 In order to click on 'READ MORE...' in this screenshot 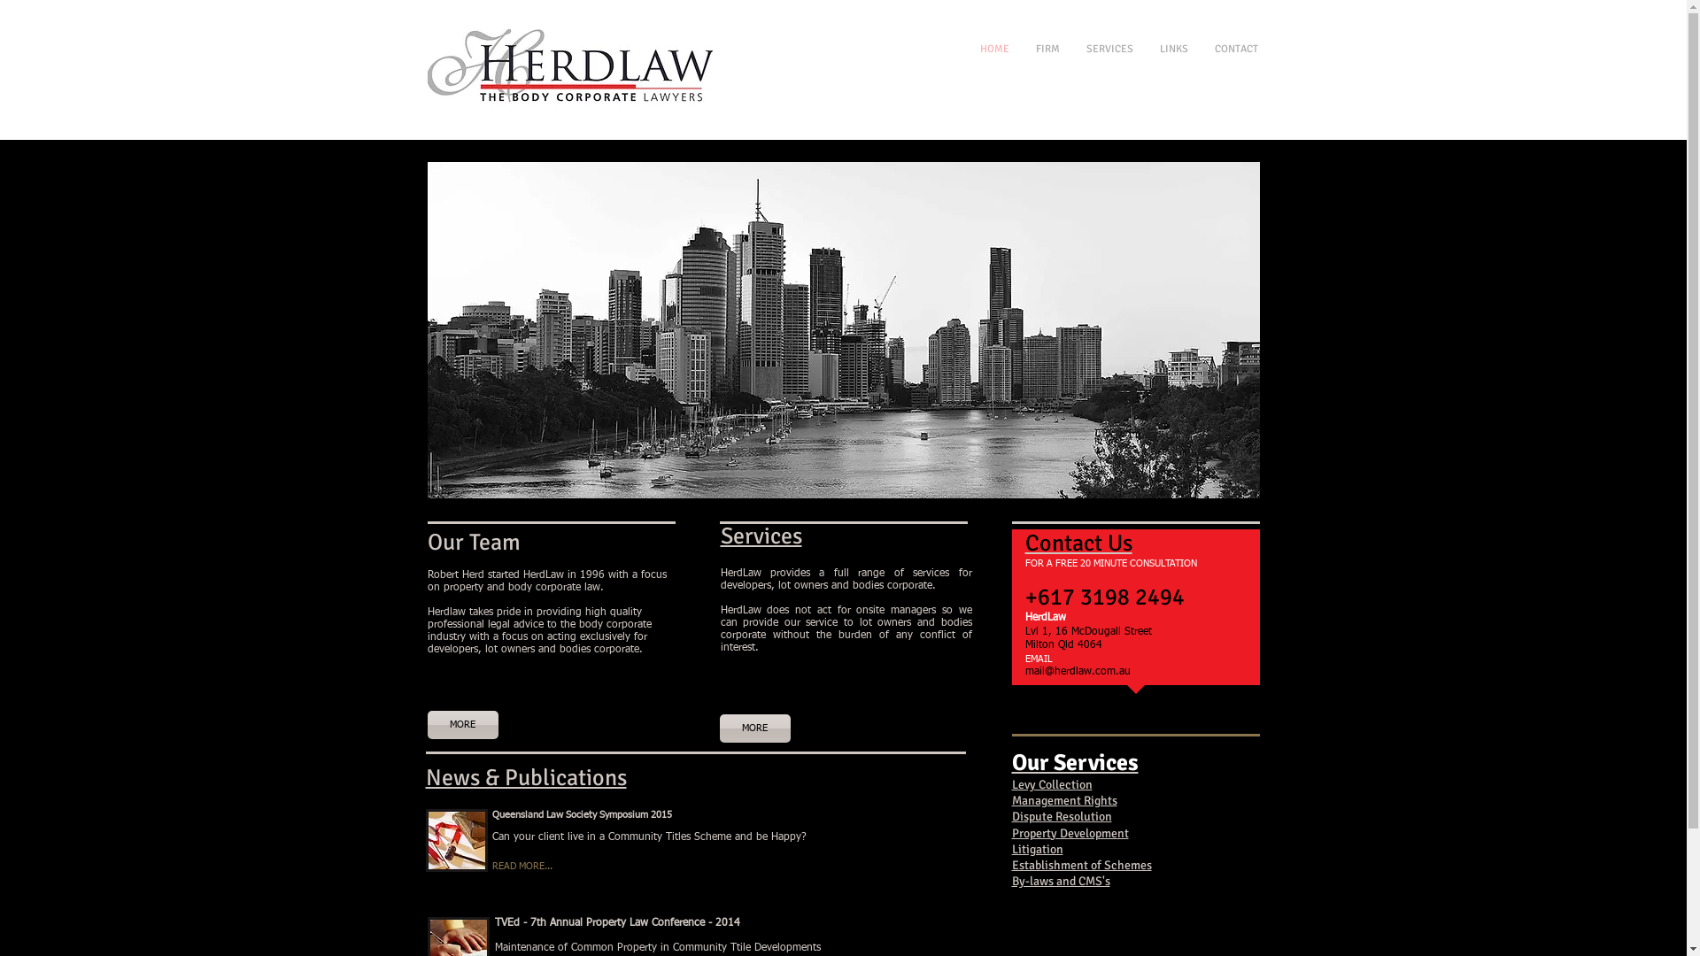, I will do `click(559, 866)`.